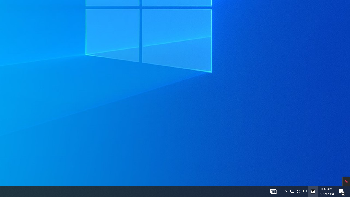 The image size is (350, 197). What do you see at coordinates (292, 191) in the screenshot?
I see `'Q2790: 100%'` at bounding box center [292, 191].